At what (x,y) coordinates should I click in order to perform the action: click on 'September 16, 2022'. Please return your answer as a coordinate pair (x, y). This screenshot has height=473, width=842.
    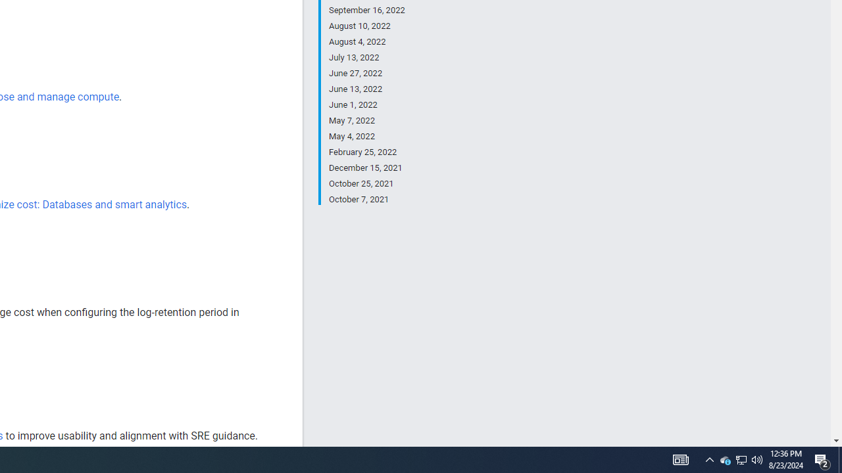
    Looking at the image, I should click on (366, 11).